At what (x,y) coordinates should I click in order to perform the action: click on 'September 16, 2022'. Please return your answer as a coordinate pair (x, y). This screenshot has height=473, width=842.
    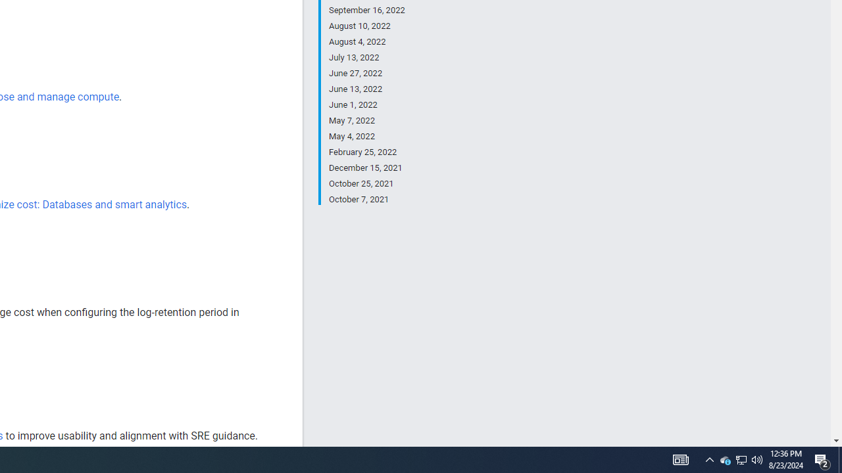
    Looking at the image, I should click on (366, 11).